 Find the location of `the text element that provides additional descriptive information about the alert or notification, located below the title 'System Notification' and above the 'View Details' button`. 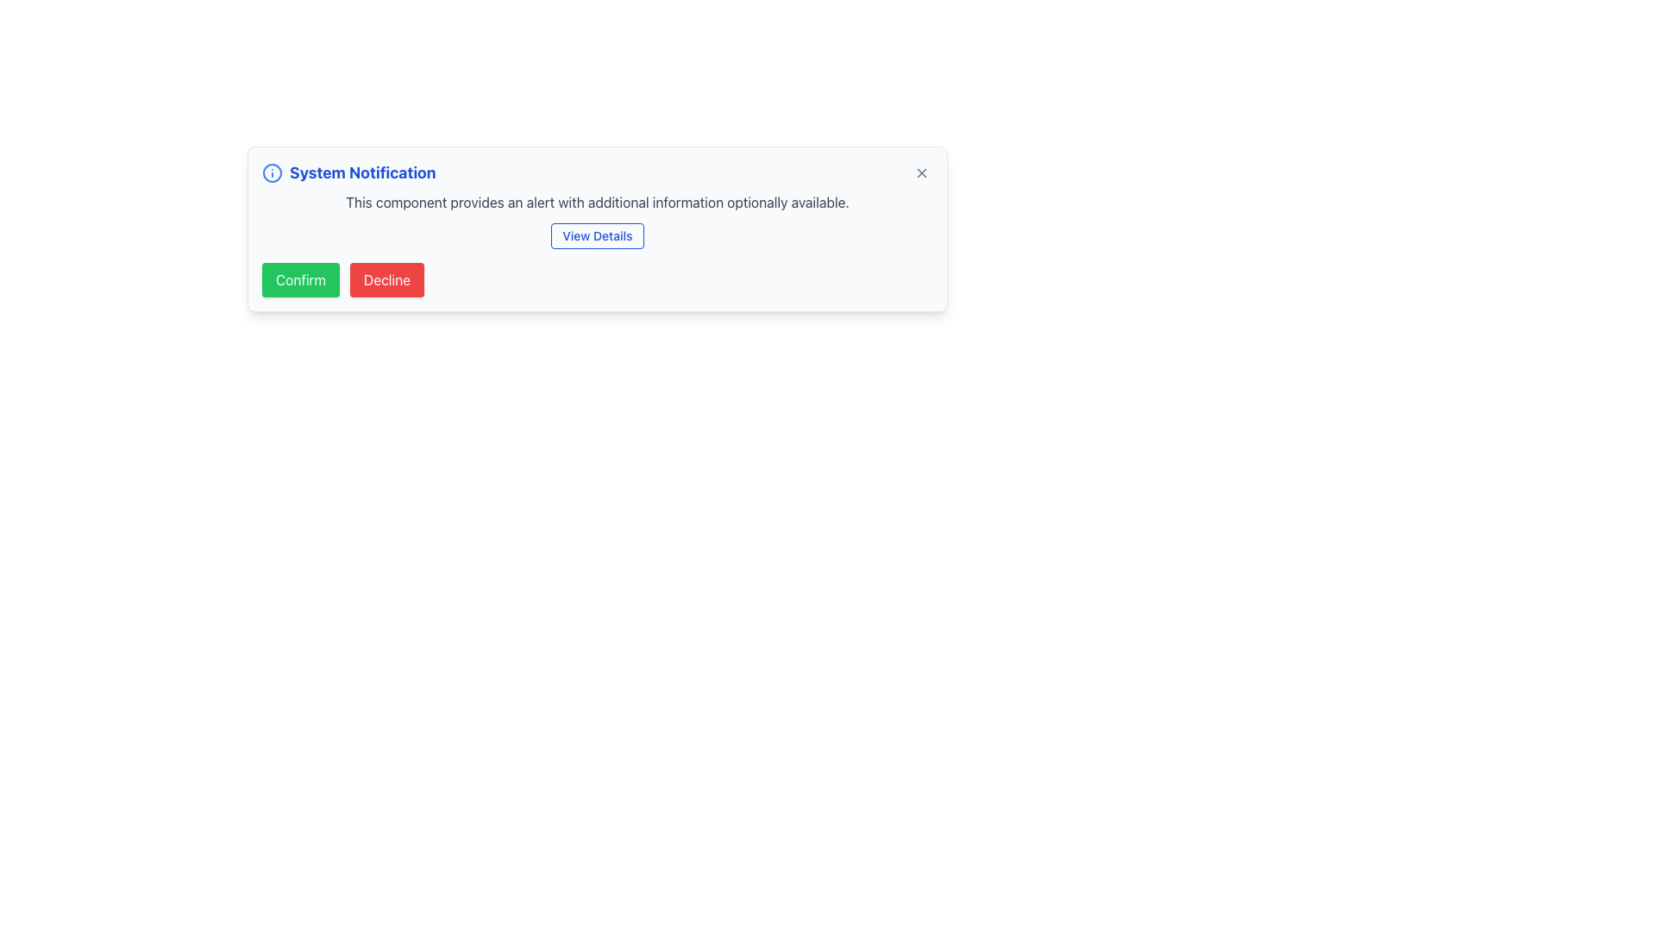

the text element that provides additional descriptive information about the alert or notification, located below the title 'System Notification' and above the 'View Details' button is located at coordinates (597, 202).